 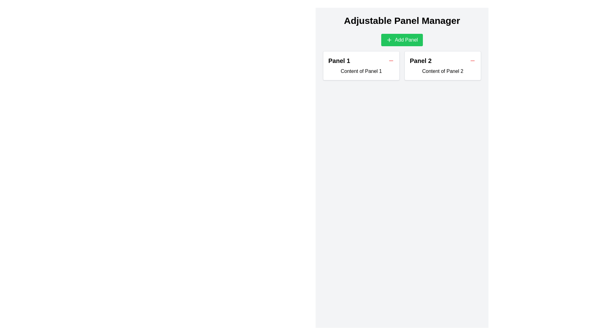 I want to click on the button that adds a new panel or item, positioned centrally below the title 'Adjustable Panel Manager', so click(x=402, y=40).